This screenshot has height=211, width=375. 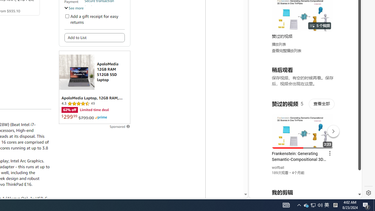 I want to click on 'Prime', so click(x=101, y=118).